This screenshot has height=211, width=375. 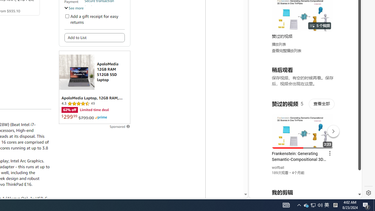 I want to click on 'Prime', so click(x=101, y=118).